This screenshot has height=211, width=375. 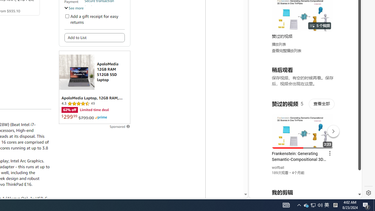 I want to click on 'Prime', so click(x=101, y=118).